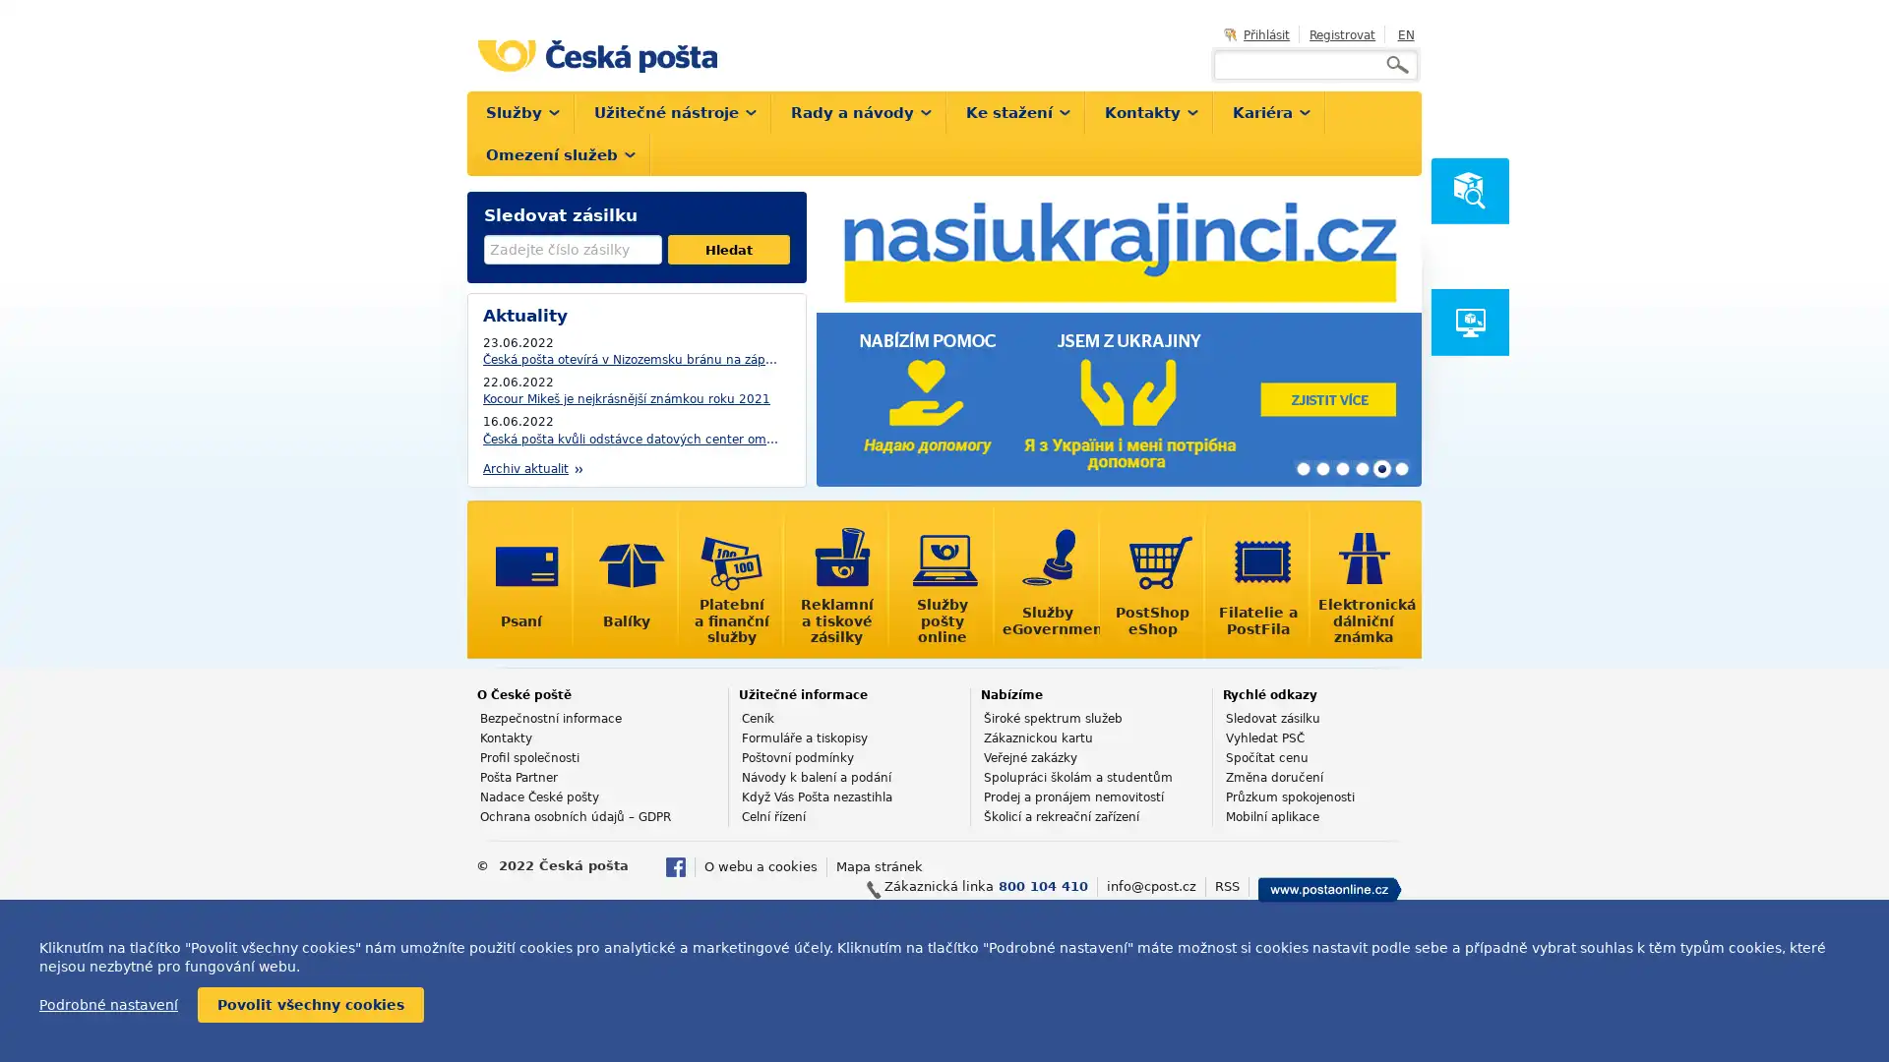 The height and width of the screenshot is (1062, 1889). I want to click on Povolit vsechny cookies, so click(310, 1005).